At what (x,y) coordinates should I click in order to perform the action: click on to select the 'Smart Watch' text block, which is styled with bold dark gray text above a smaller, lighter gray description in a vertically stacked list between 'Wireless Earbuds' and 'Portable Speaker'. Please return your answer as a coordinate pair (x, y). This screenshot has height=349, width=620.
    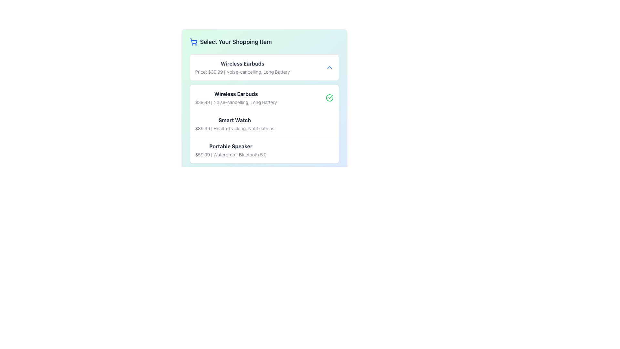
    Looking at the image, I should click on (234, 124).